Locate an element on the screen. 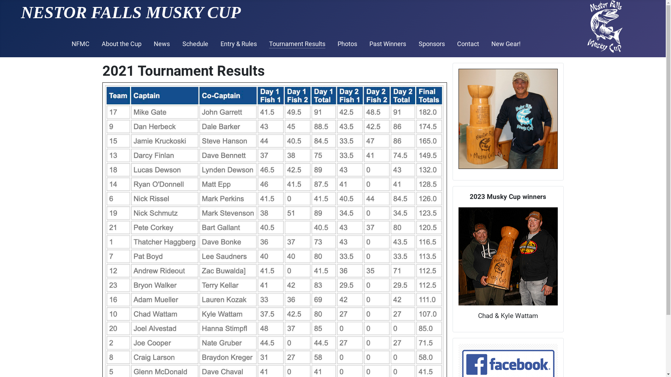  'NFMC' is located at coordinates (80, 44).